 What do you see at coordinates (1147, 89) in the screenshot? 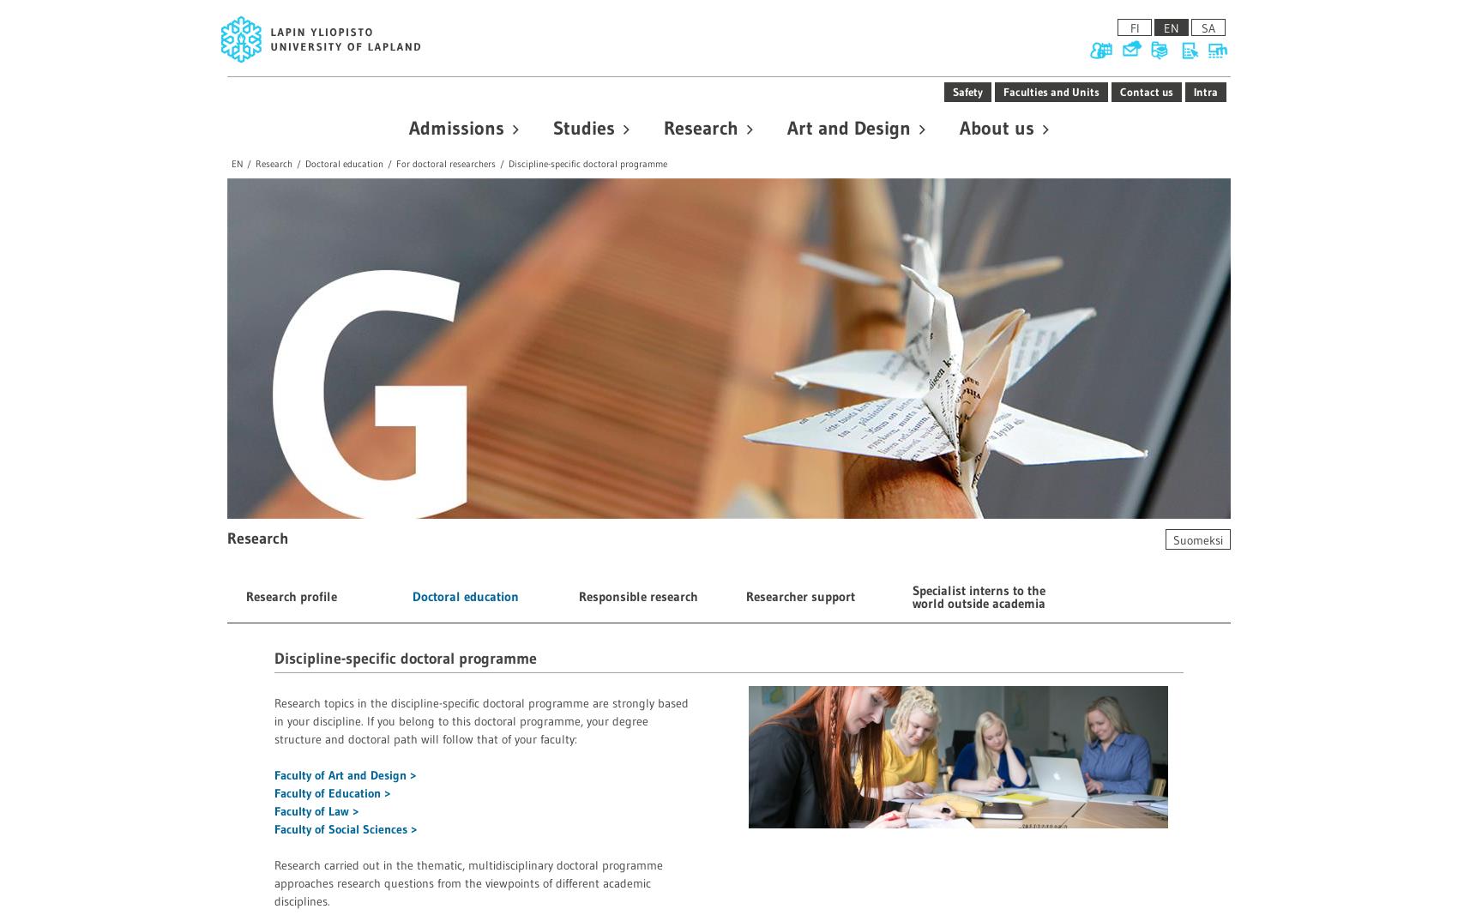
I see `'Contact us'` at bounding box center [1147, 89].